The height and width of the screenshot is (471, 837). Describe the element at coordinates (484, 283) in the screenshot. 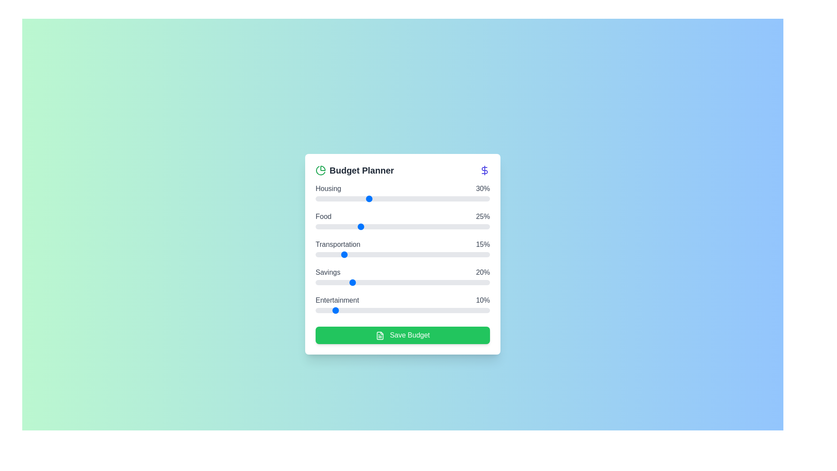

I see `the 'Savings' slider to 97% allocation` at that location.